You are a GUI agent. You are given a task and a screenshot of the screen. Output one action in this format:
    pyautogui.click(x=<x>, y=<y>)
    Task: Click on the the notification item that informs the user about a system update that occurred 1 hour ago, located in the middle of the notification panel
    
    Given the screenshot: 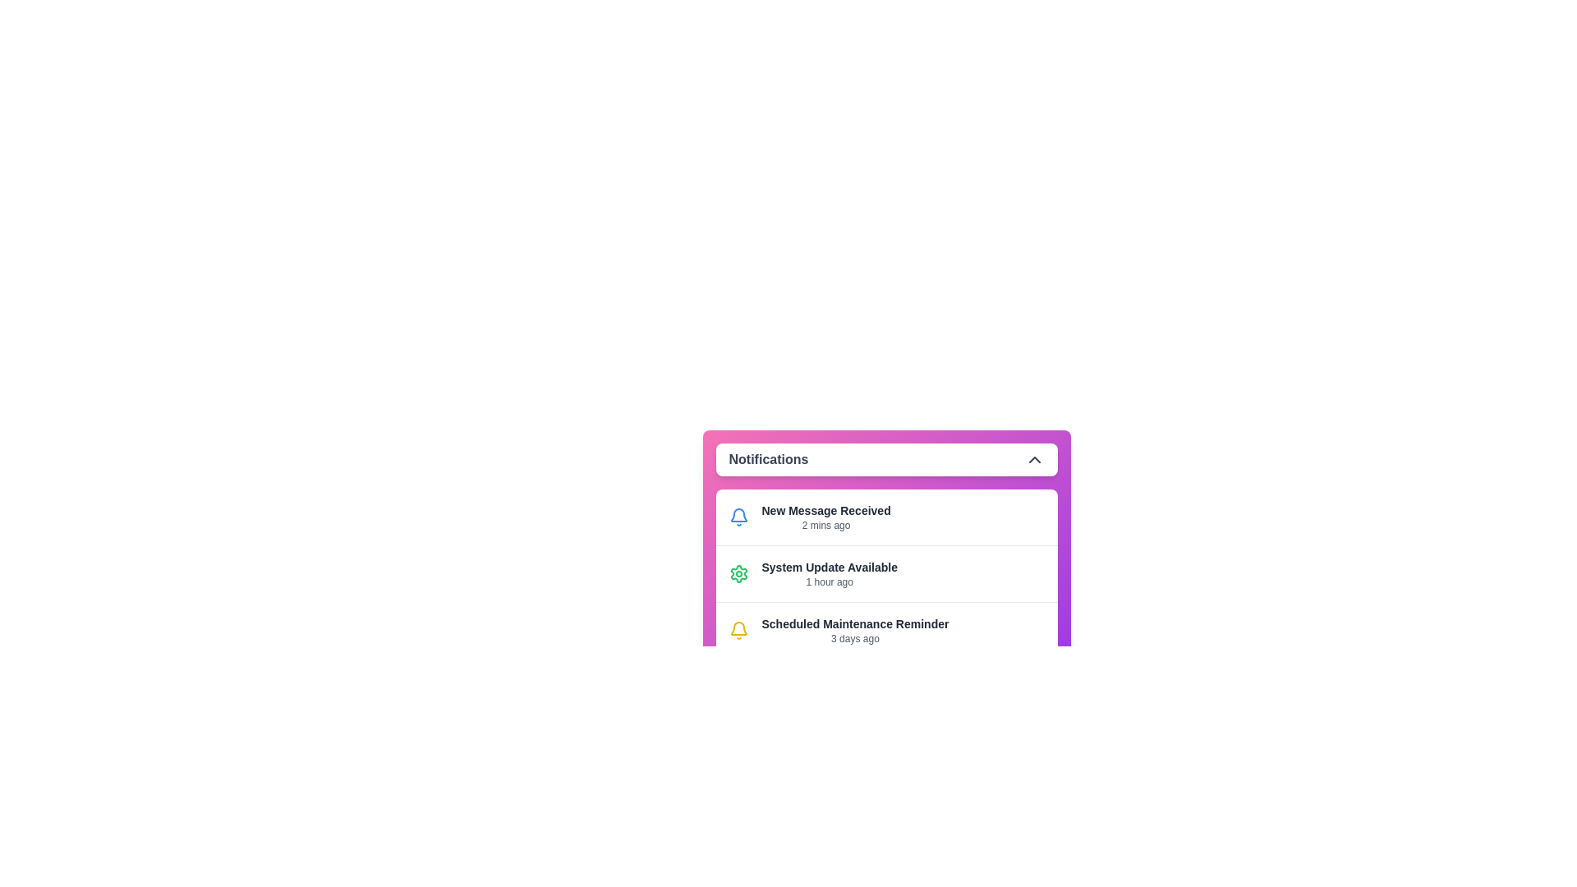 What is the action you would take?
    pyautogui.click(x=885, y=572)
    